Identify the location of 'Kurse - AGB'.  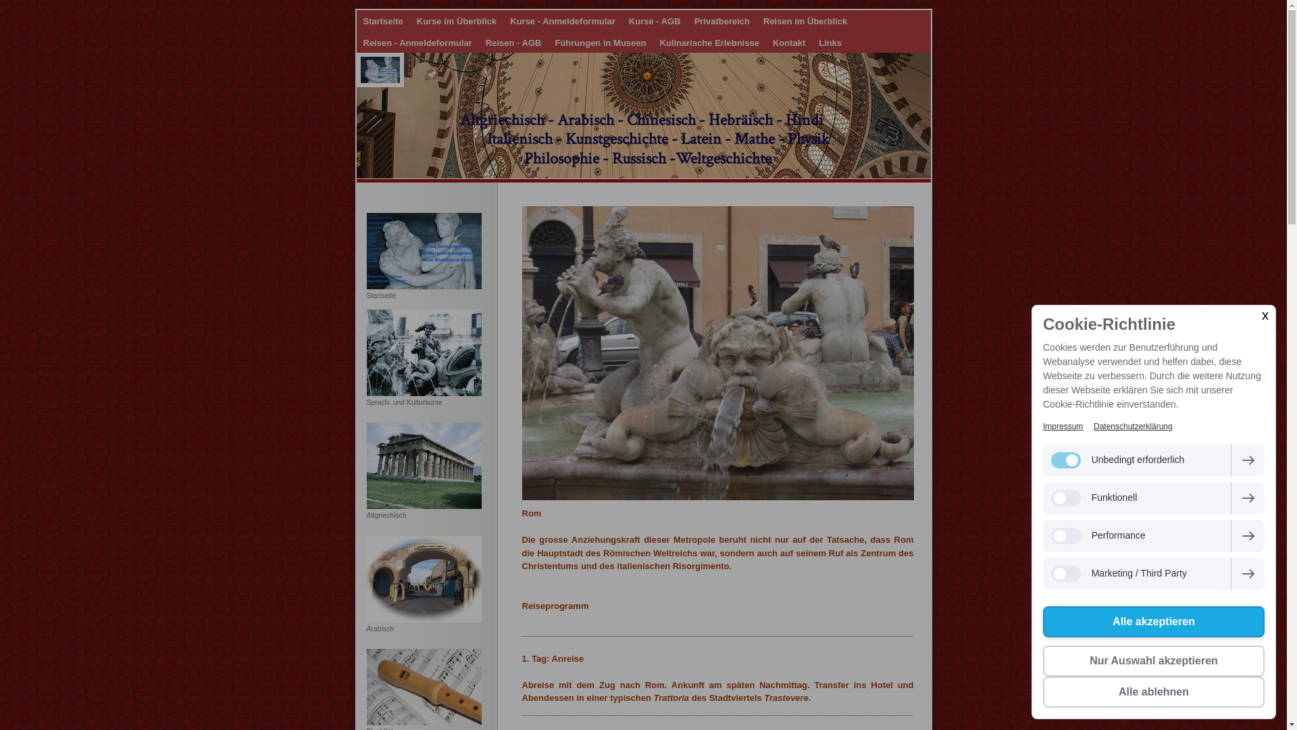
(655, 21).